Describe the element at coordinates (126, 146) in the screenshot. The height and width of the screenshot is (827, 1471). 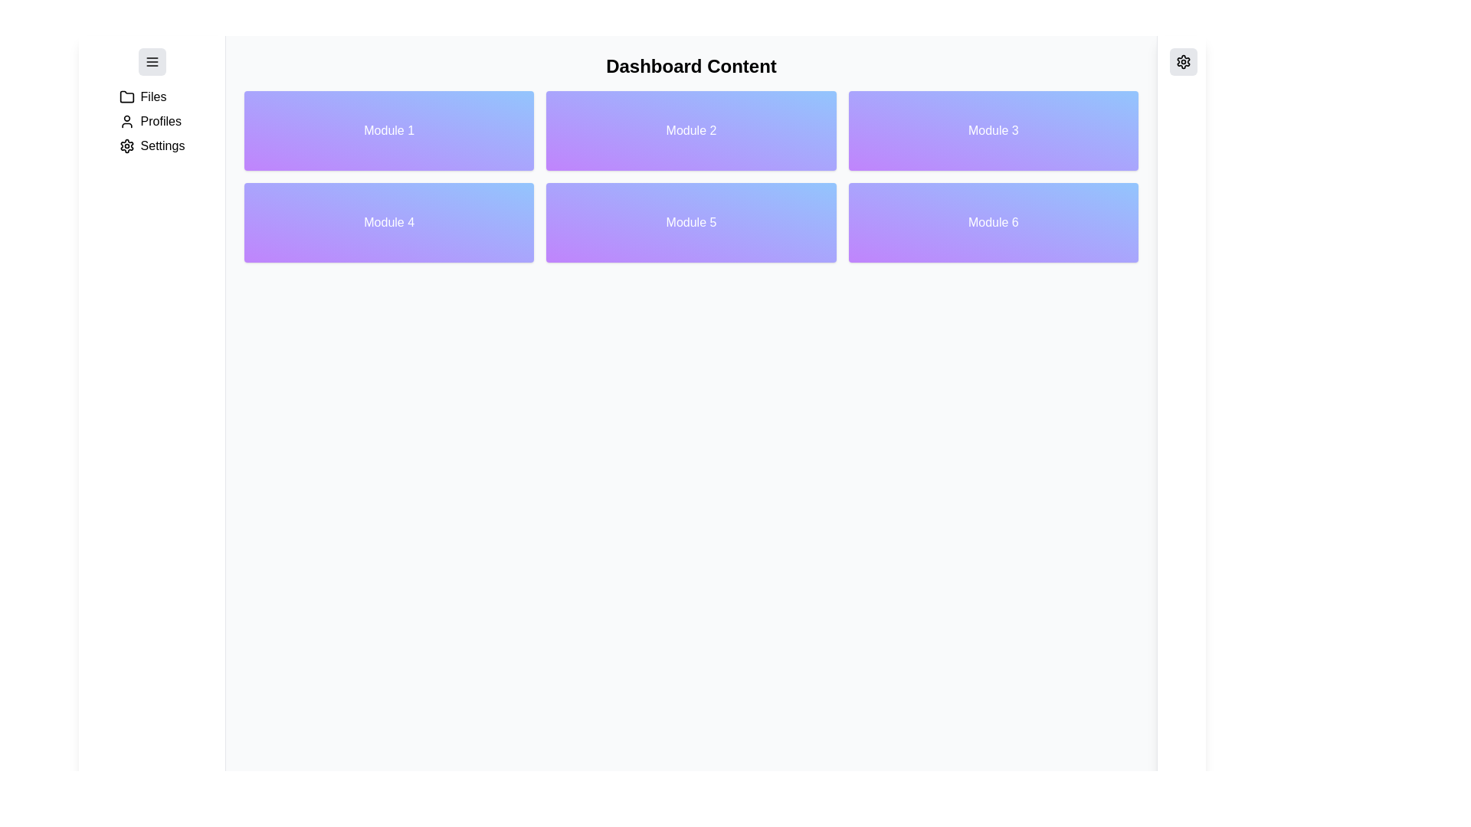
I see `the gear/settings icon located in the vertical navigation menu, positioned between the 'Profiles' icon and the 'Settings' label` at that location.